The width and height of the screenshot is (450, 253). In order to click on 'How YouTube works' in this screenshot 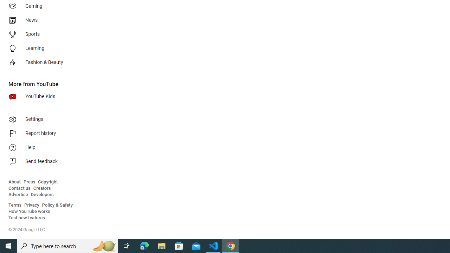, I will do `click(29, 211)`.